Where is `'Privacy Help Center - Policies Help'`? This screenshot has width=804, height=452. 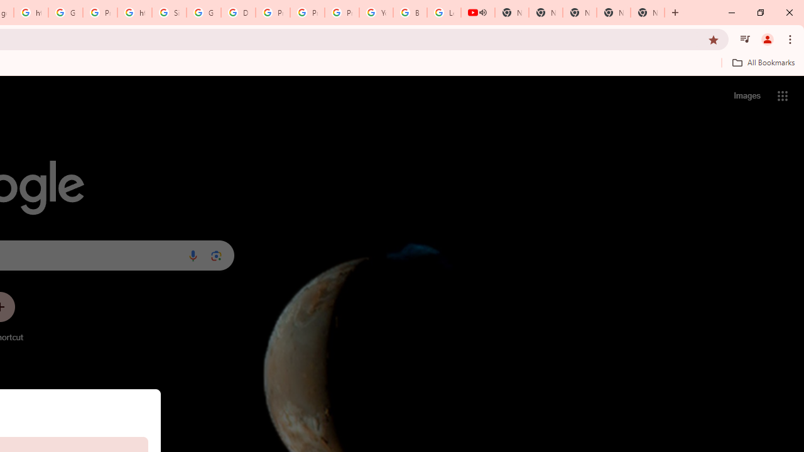 'Privacy Help Center - Policies Help' is located at coordinates (272, 13).